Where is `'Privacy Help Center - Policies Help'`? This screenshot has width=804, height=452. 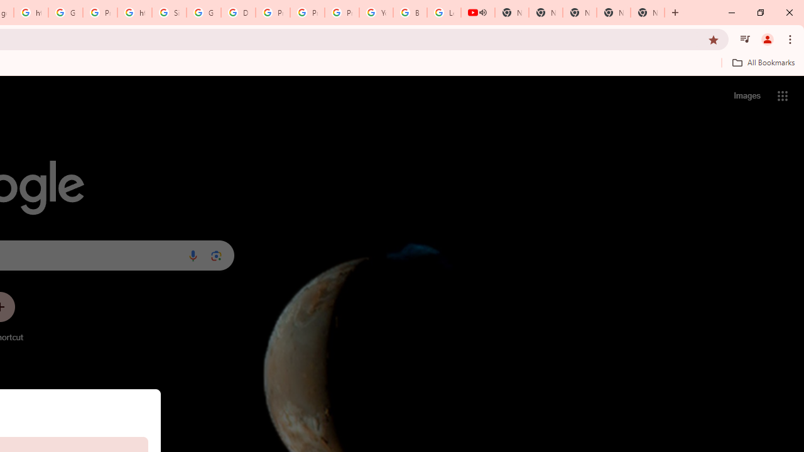 'Privacy Help Center - Policies Help' is located at coordinates (272, 13).